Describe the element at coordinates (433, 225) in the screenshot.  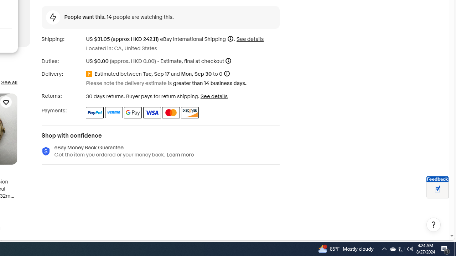
I see `'Help, opens dialogs'` at that location.